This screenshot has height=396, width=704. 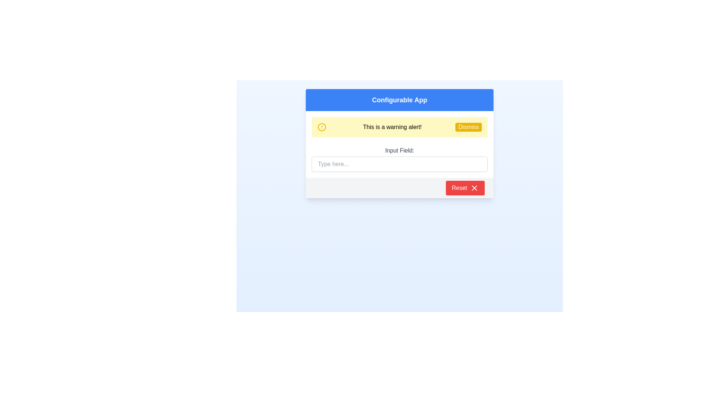 I want to click on the bold text element displaying 'Configurable App' which is centered inside a blue rectangular panel at the top of the interface, so click(x=399, y=100).